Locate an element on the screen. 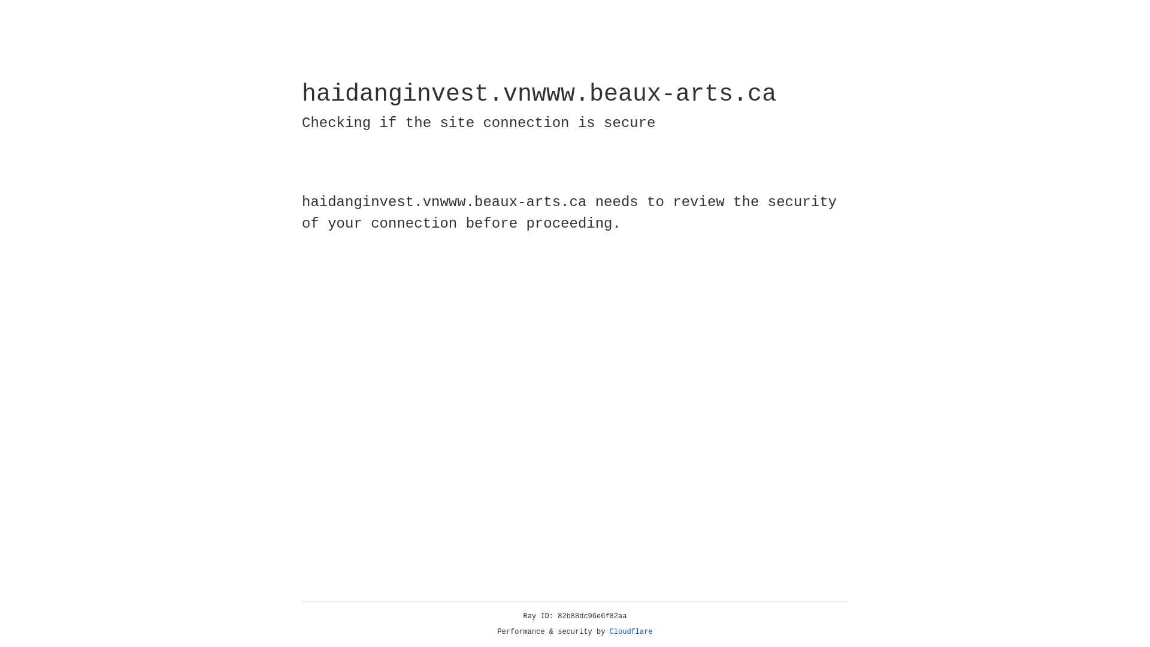 The image size is (1150, 647). 'Cloudflare' is located at coordinates (631, 631).